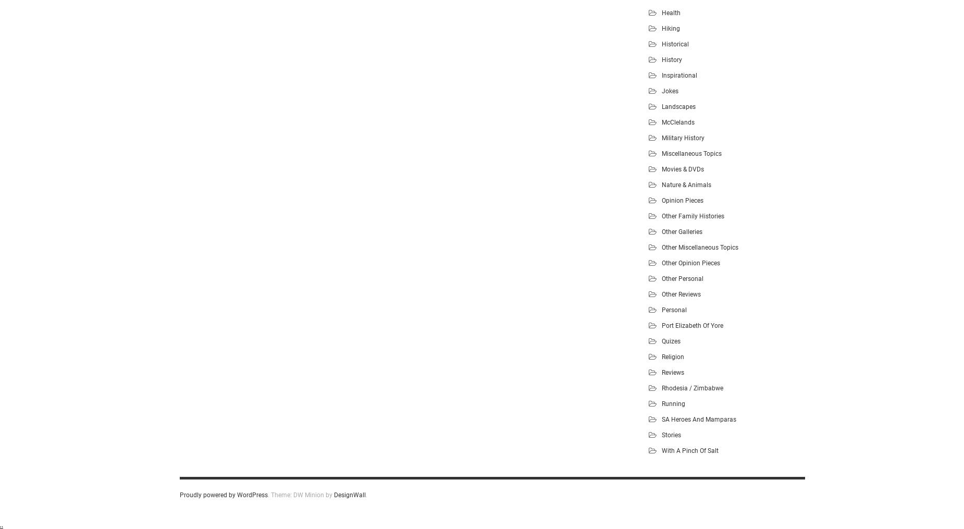 This screenshot has width=964, height=529. What do you see at coordinates (692, 387) in the screenshot?
I see `'Rhodesia / Zimbabwe'` at bounding box center [692, 387].